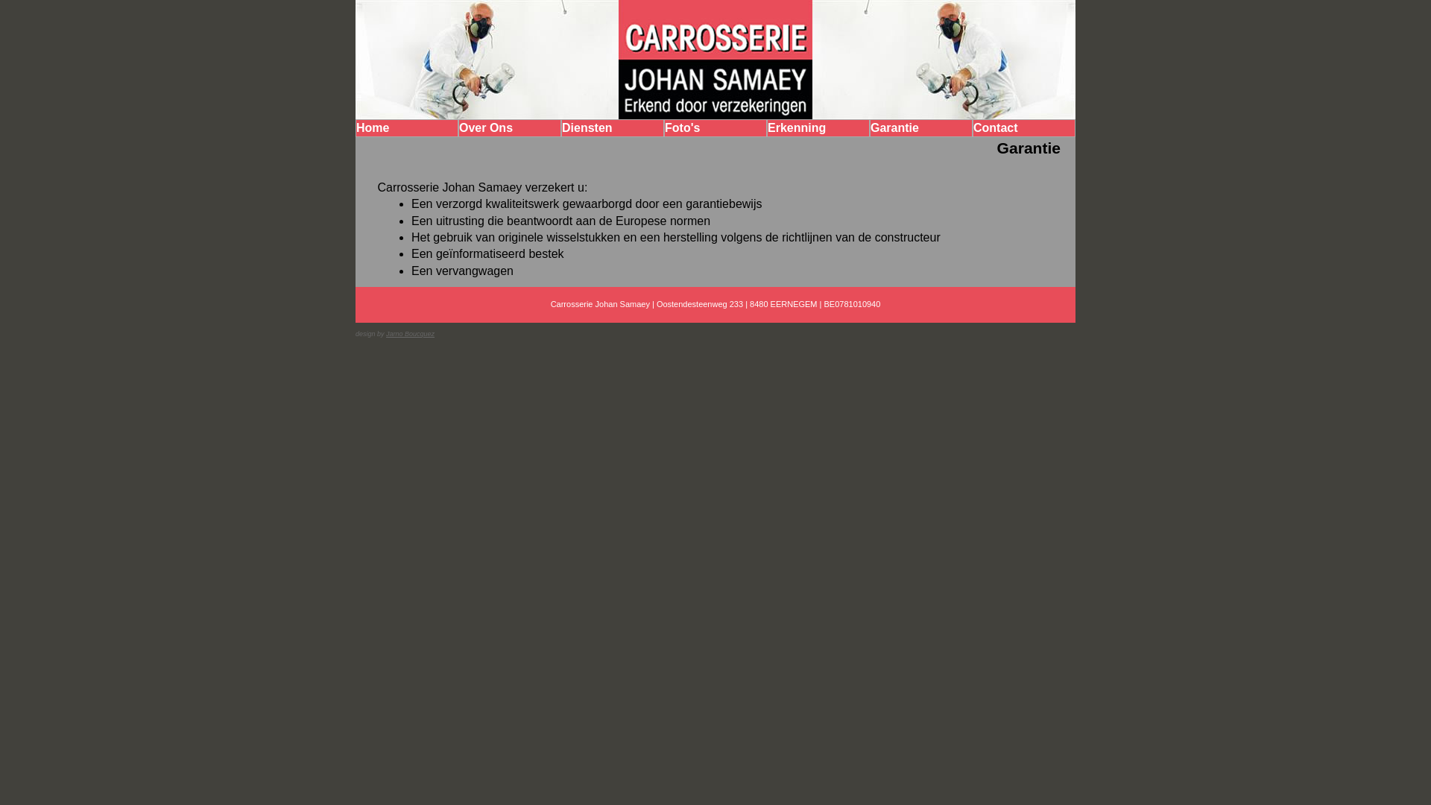  Describe the element at coordinates (510, 127) in the screenshot. I see `'Over Ons'` at that location.